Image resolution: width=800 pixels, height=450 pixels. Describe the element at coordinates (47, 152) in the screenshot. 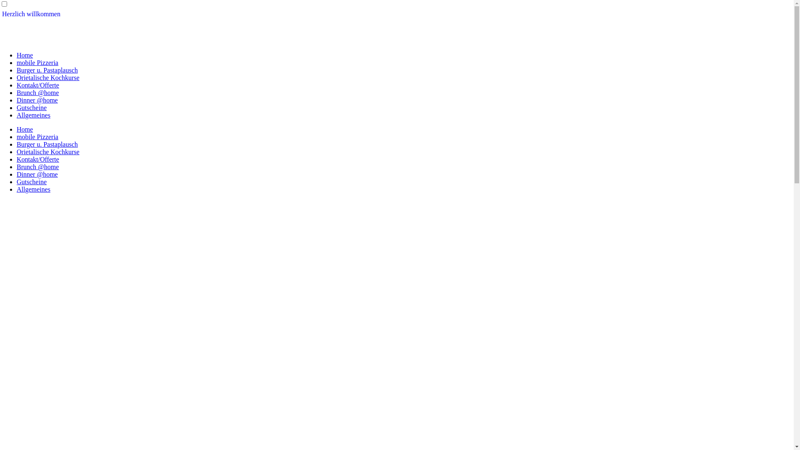

I see `'Orietalische Kochkurse'` at that location.